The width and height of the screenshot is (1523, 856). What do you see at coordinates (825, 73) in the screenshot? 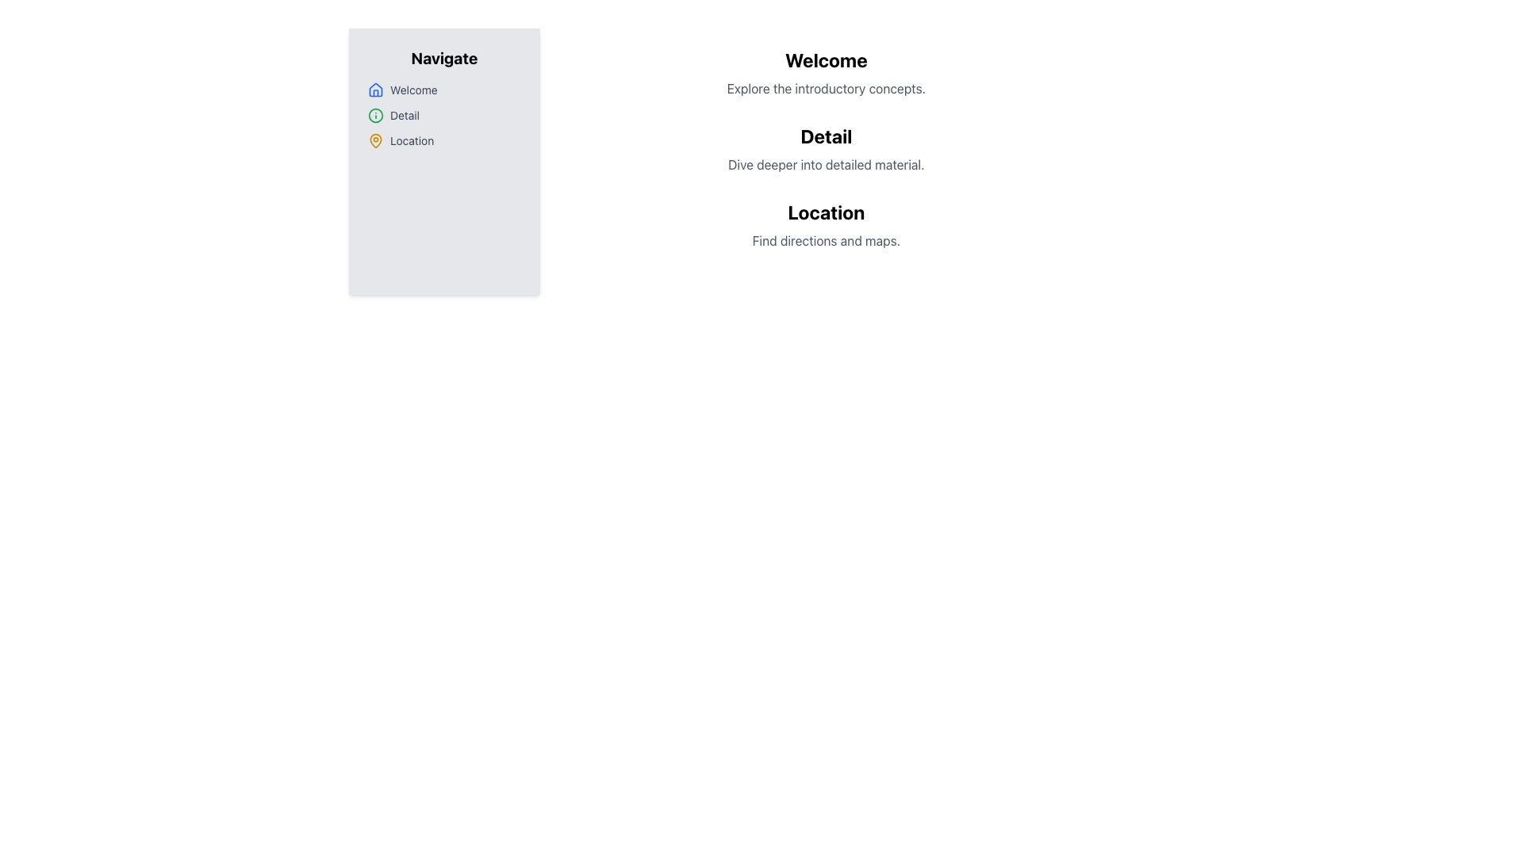
I see `the text element that serves as a section title and brief description for an introductory topic, located at the top of the vertical layout` at bounding box center [825, 73].